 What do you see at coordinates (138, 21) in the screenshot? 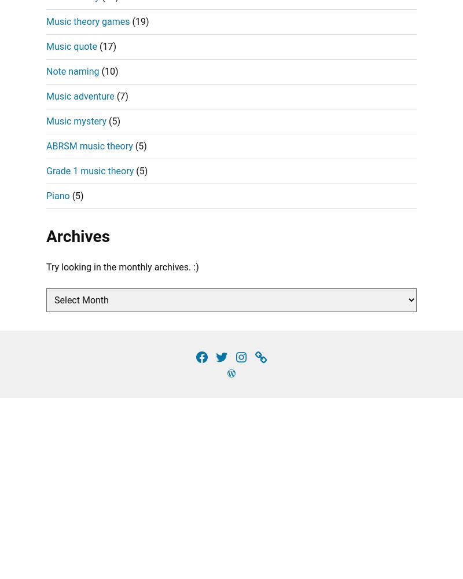
I see `'(19)'` at bounding box center [138, 21].